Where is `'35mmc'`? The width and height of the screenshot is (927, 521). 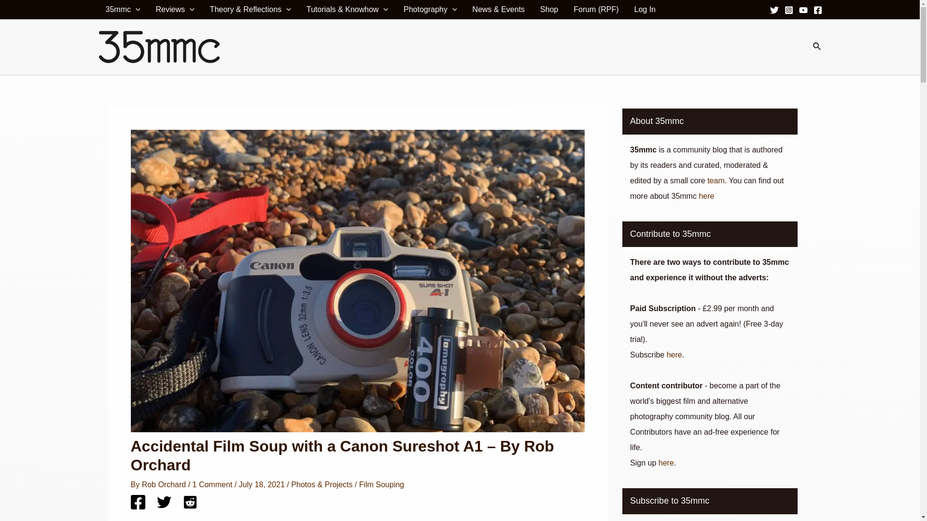
'35mmc' is located at coordinates (122, 9).